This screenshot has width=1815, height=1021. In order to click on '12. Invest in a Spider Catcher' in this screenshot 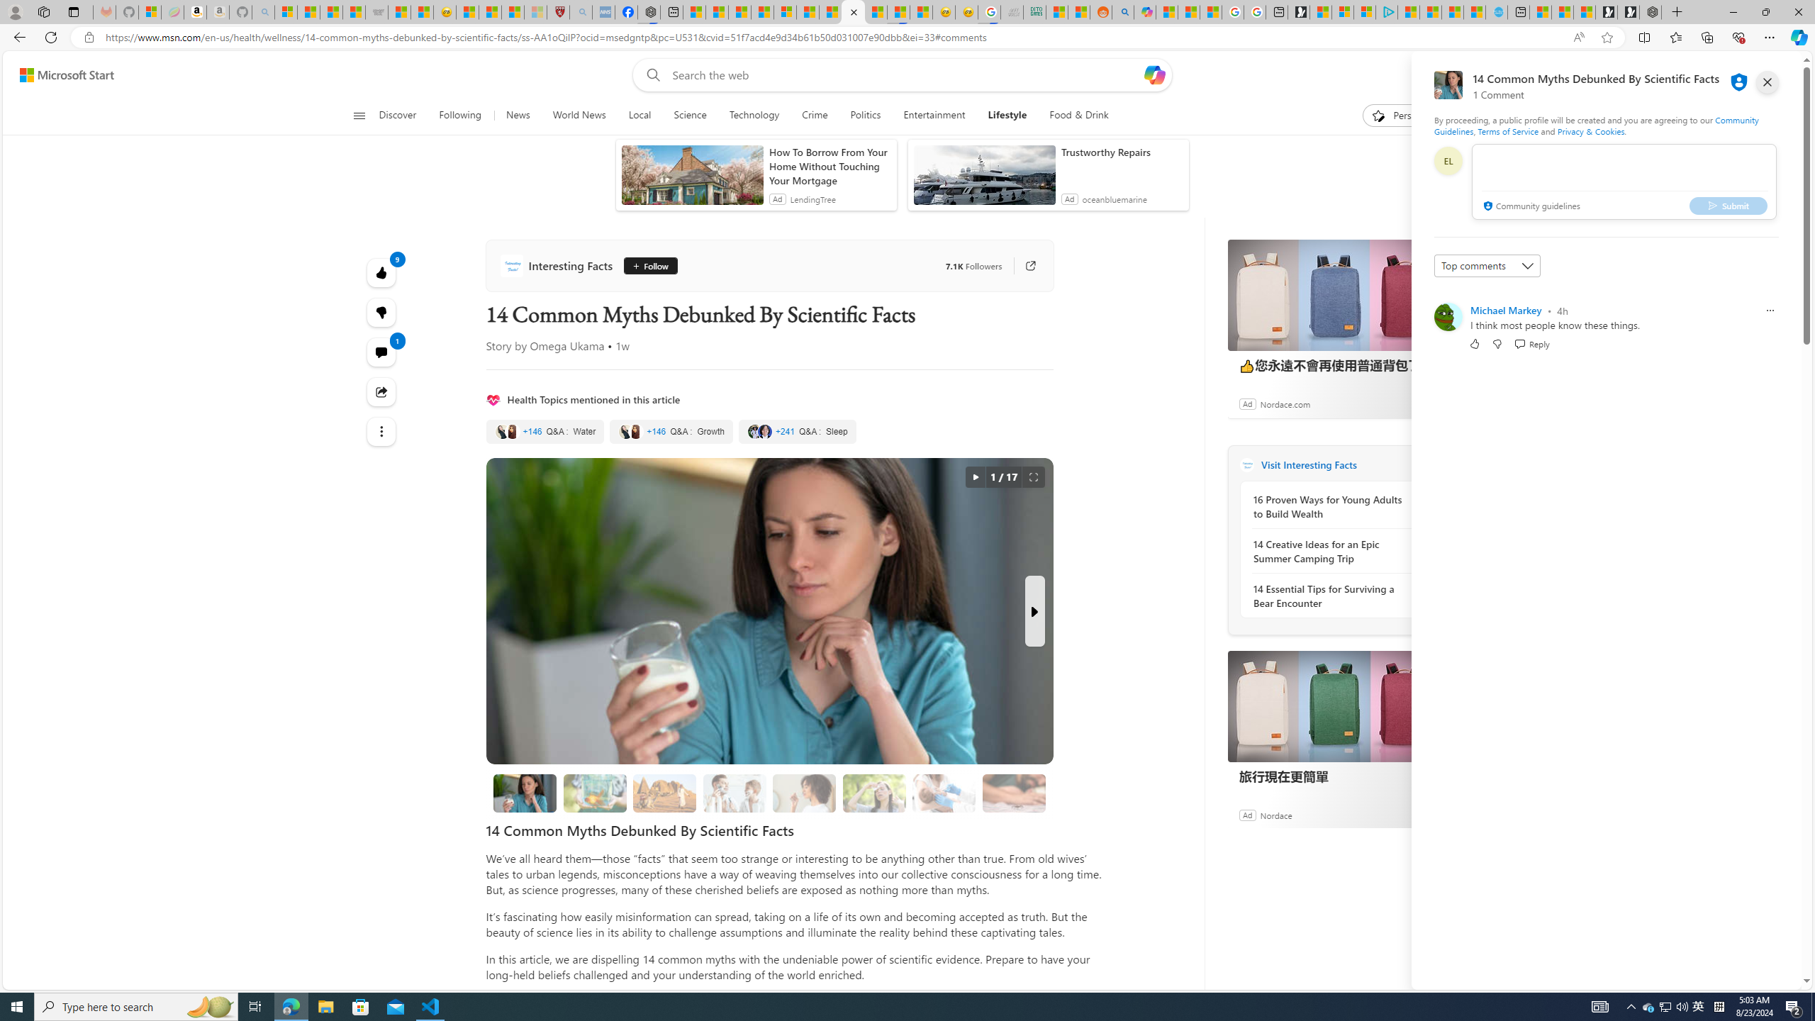, I will do `click(1012, 793)`.